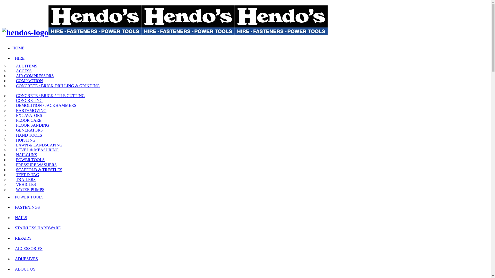 Image resolution: width=495 pixels, height=278 pixels. I want to click on 'AIR COMPRESSORS', so click(33, 76).